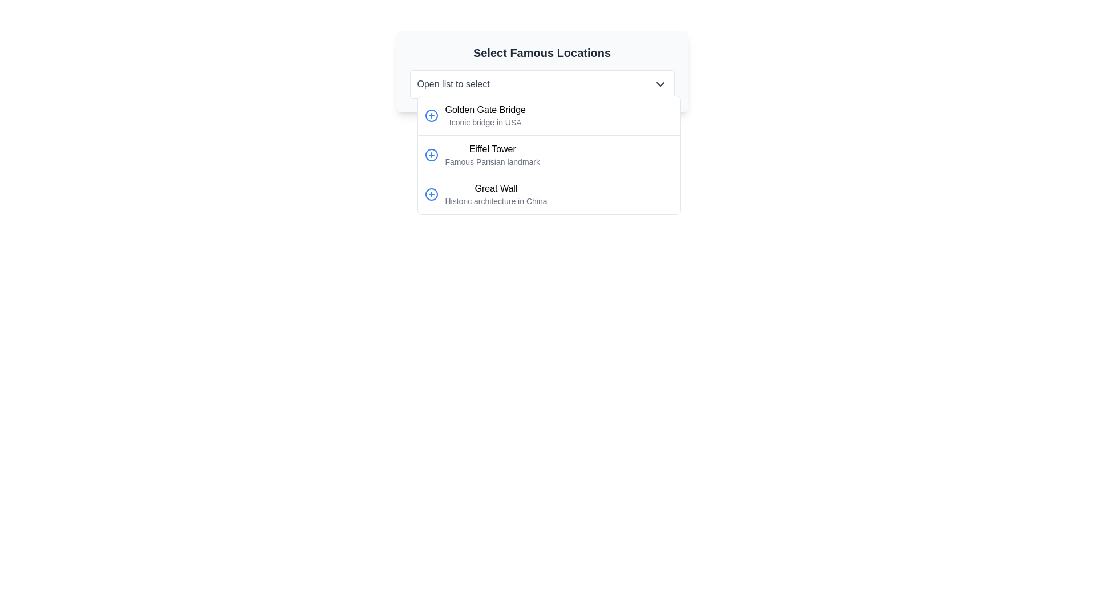  I want to click on the list item displaying the title 'Golden Gate Bridge', so click(485, 116).